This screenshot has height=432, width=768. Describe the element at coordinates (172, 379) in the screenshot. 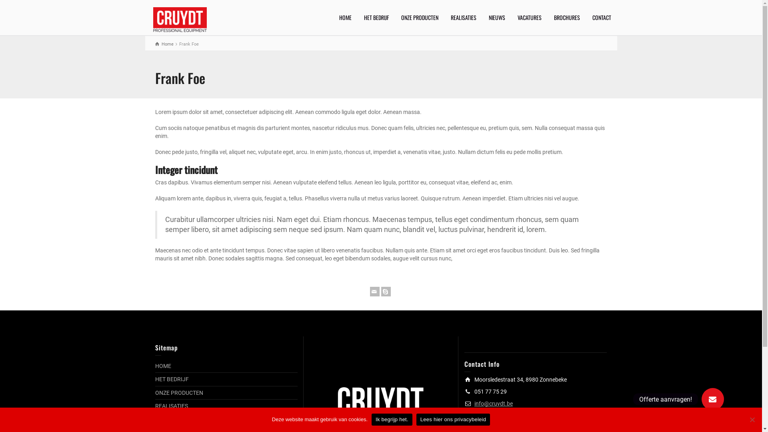

I see `'HET BEDRIJF'` at that location.